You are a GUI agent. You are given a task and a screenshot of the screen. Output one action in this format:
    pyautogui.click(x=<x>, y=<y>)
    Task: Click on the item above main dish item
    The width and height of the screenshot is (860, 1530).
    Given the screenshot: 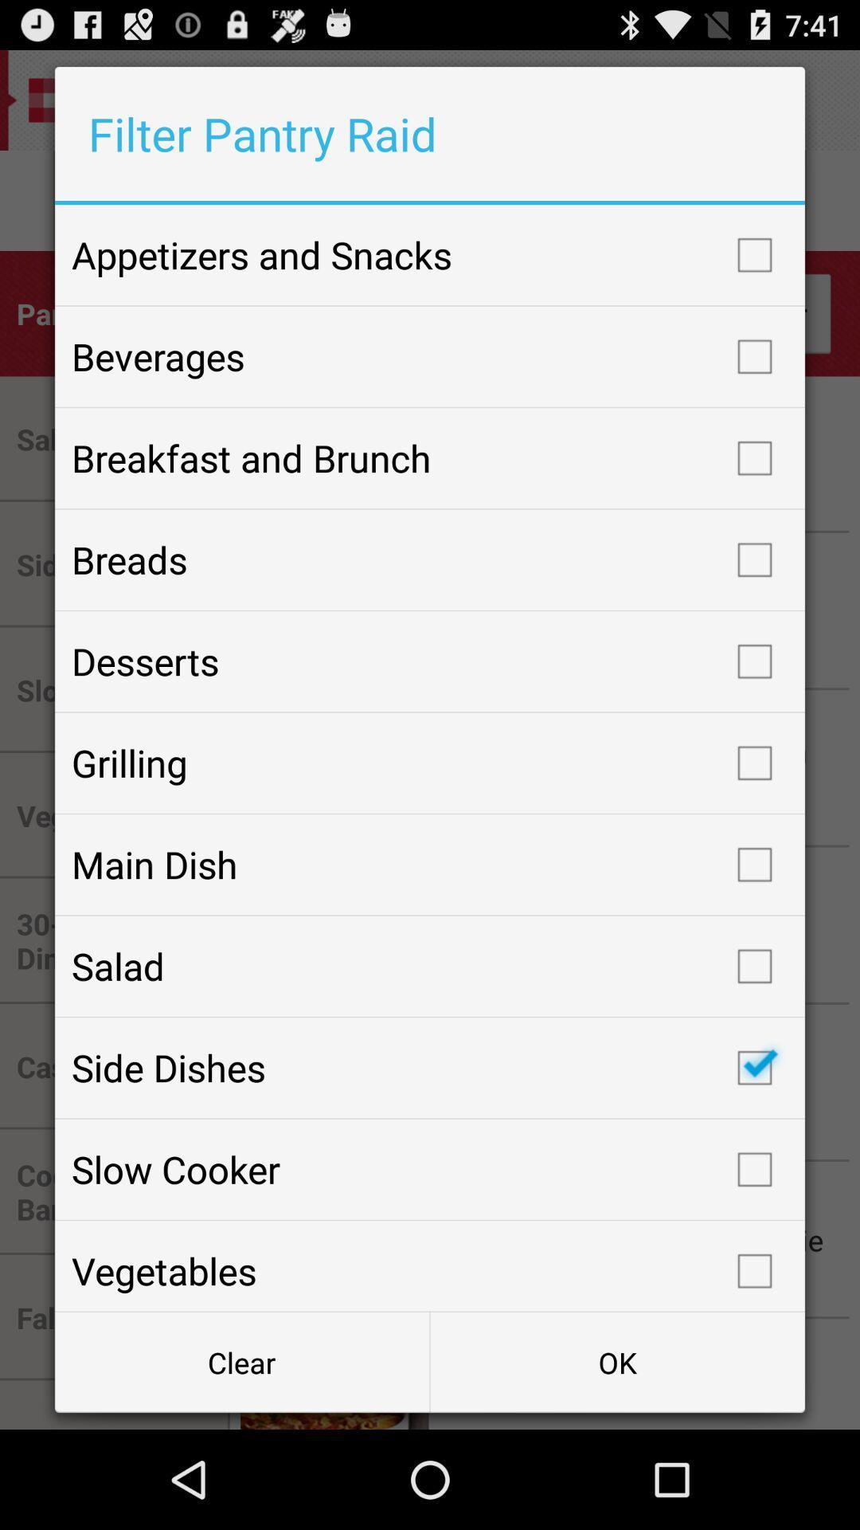 What is the action you would take?
    pyautogui.click(x=430, y=762)
    